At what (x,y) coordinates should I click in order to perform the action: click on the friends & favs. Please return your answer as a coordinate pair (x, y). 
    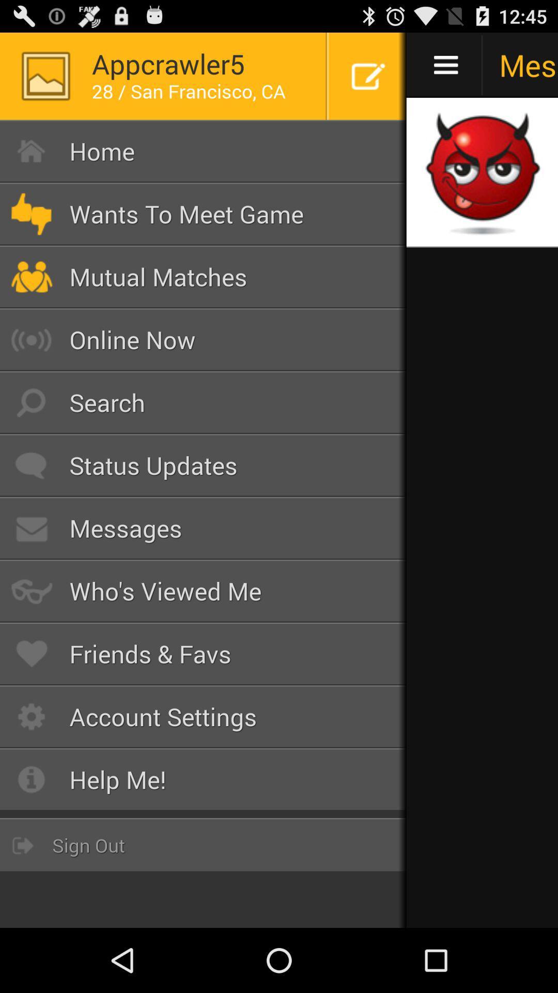
    Looking at the image, I should click on (203, 653).